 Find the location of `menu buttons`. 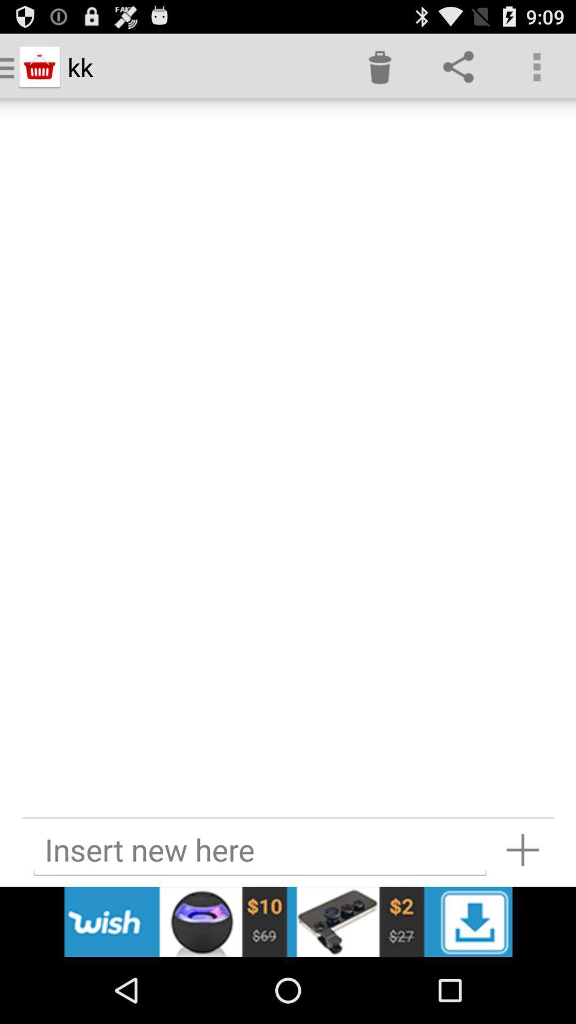

menu buttons is located at coordinates (288, 921).